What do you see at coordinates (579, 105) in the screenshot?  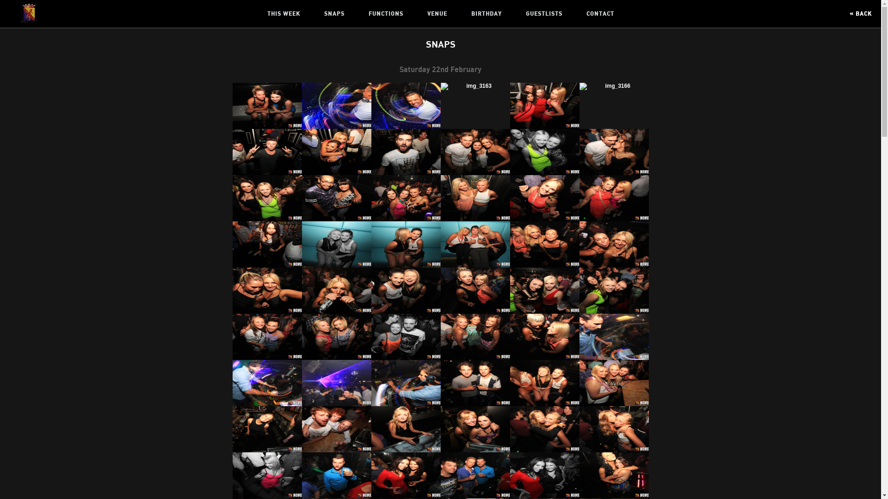 I see `' '` at bounding box center [579, 105].